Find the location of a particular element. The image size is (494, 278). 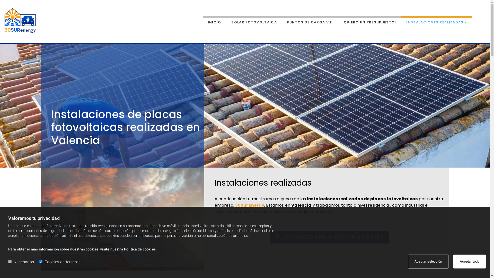

'30Sur Energy' is located at coordinates (250, 205).